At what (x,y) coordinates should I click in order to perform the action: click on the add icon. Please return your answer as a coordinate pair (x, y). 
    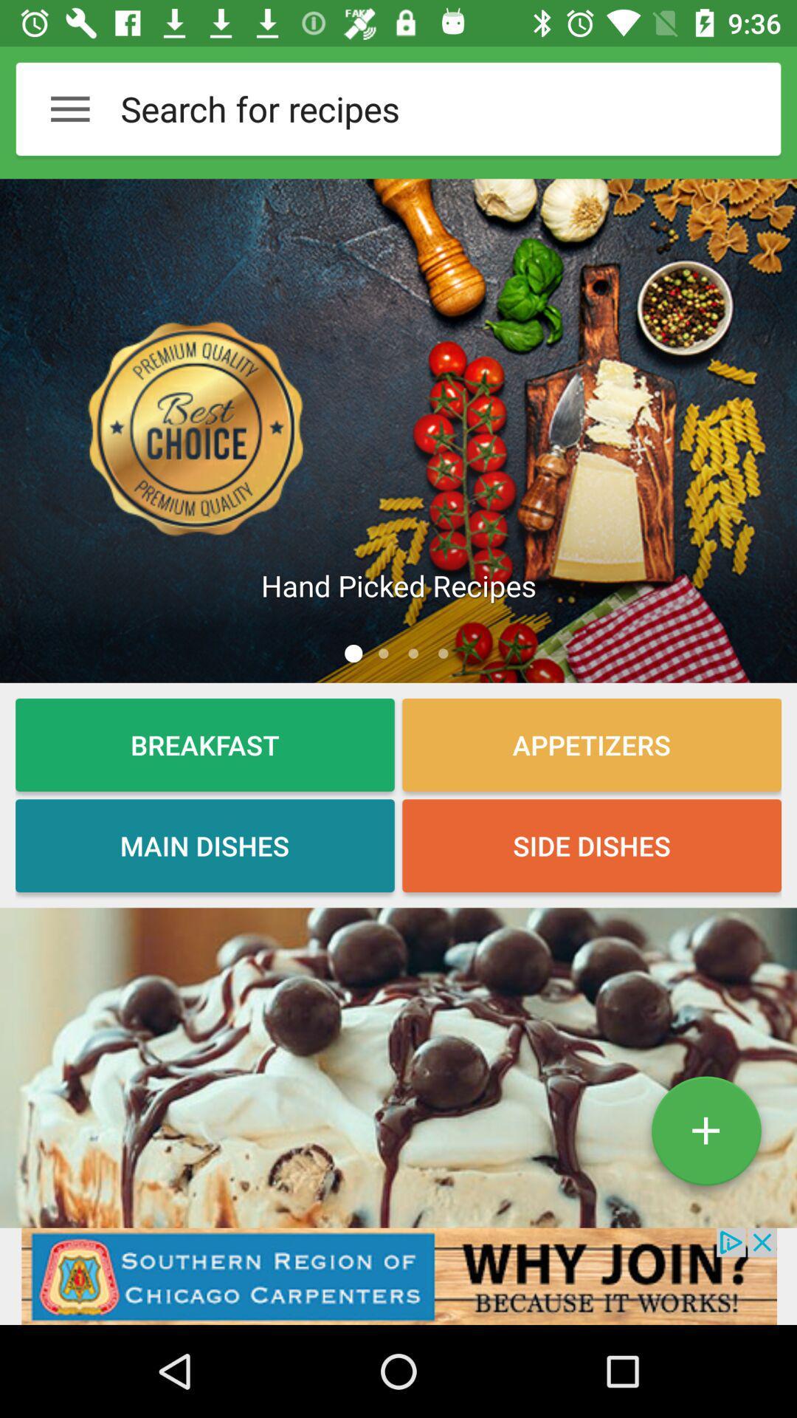
    Looking at the image, I should click on (705, 1136).